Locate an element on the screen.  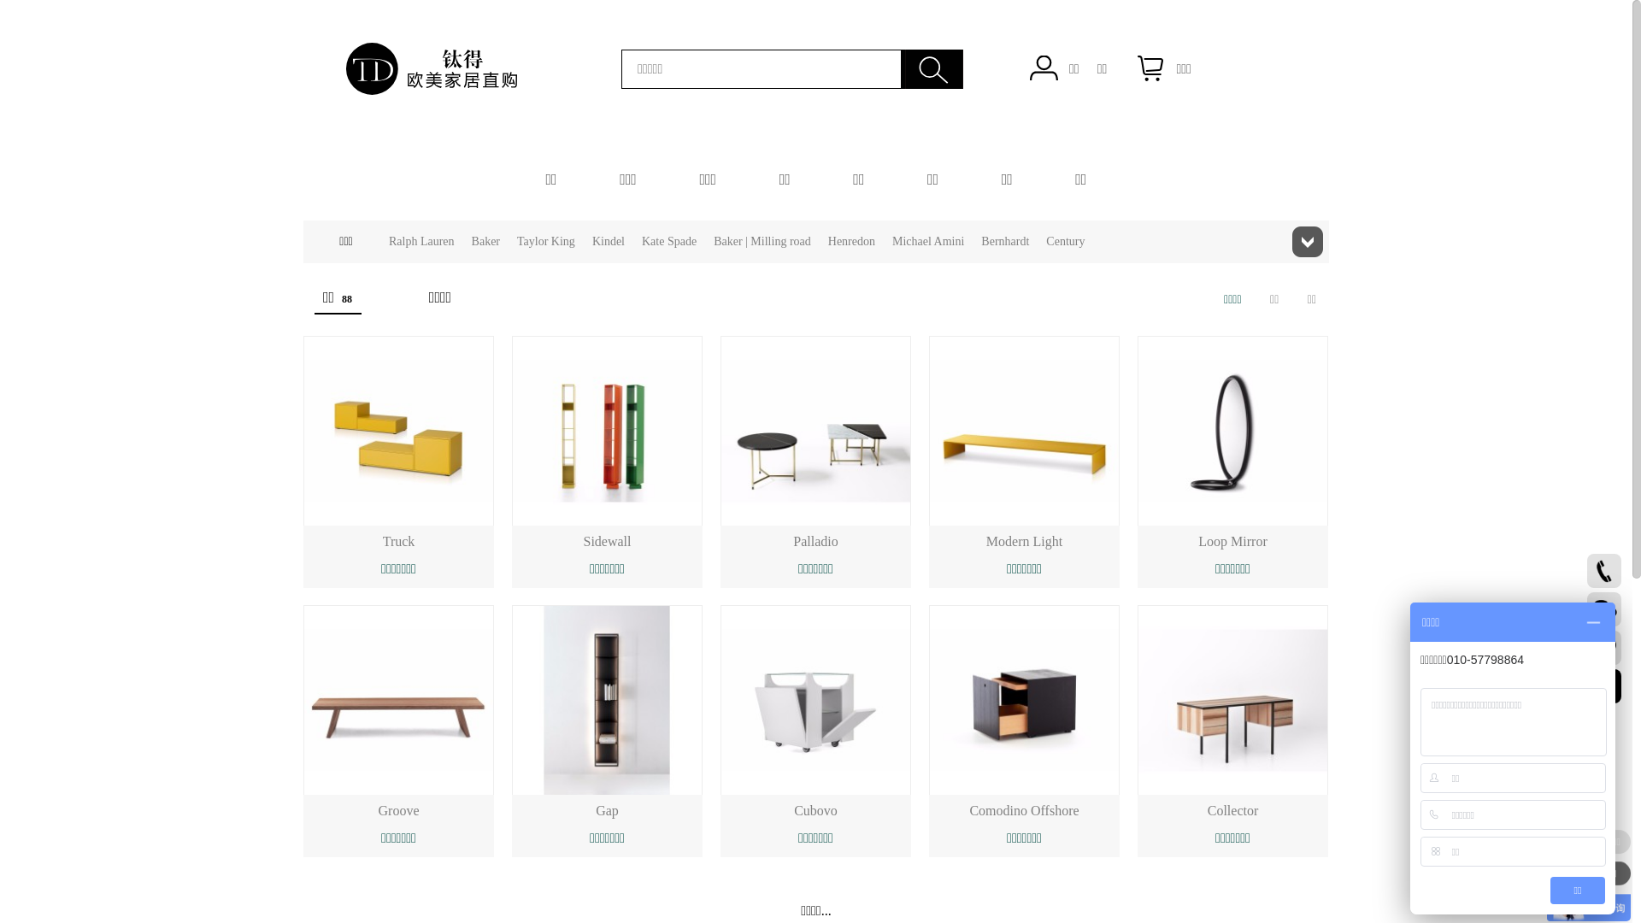
'Henredon' is located at coordinates (851, 241).